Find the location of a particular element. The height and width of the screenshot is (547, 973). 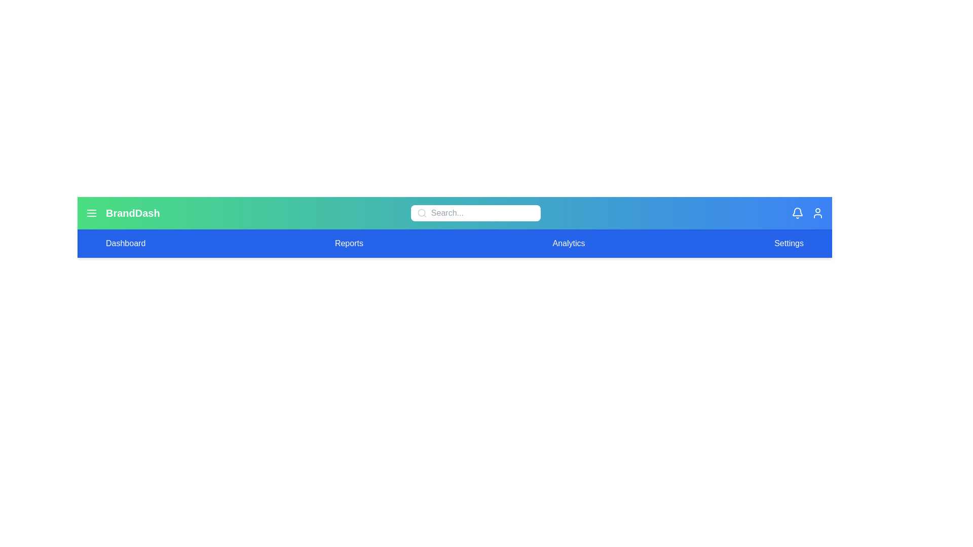

the 'Settings' tab in the navigation bar is located at coordinates (788, 244).